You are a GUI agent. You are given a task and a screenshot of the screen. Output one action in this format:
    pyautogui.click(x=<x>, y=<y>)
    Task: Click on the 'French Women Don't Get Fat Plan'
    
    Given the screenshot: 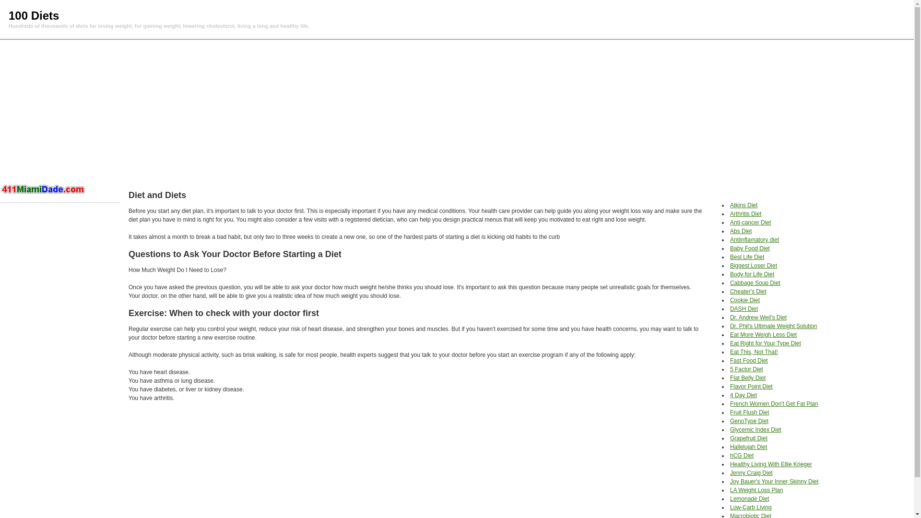 What is the action you would take?
    pyautogui.click(x=774, y=403)
    